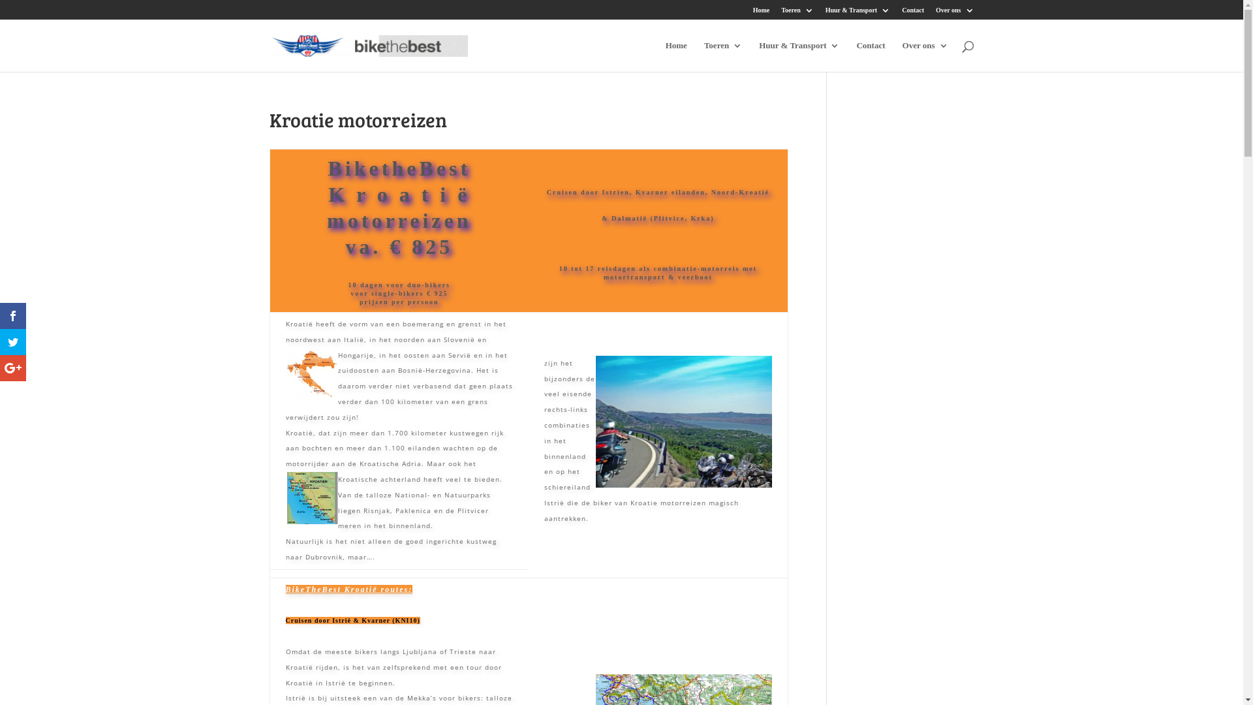 This screenshot has height=705, width=1253. I want to click on 'Home', so click(676, 55).